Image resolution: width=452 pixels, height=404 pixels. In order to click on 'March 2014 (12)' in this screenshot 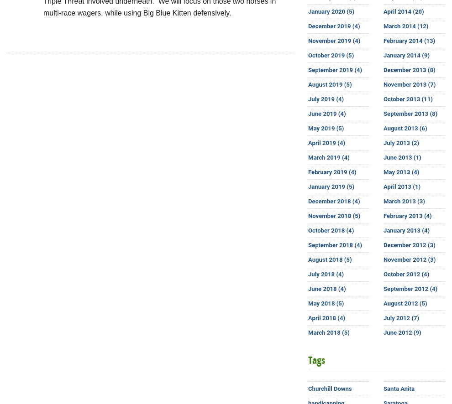, I will do `click(406, 26)`.